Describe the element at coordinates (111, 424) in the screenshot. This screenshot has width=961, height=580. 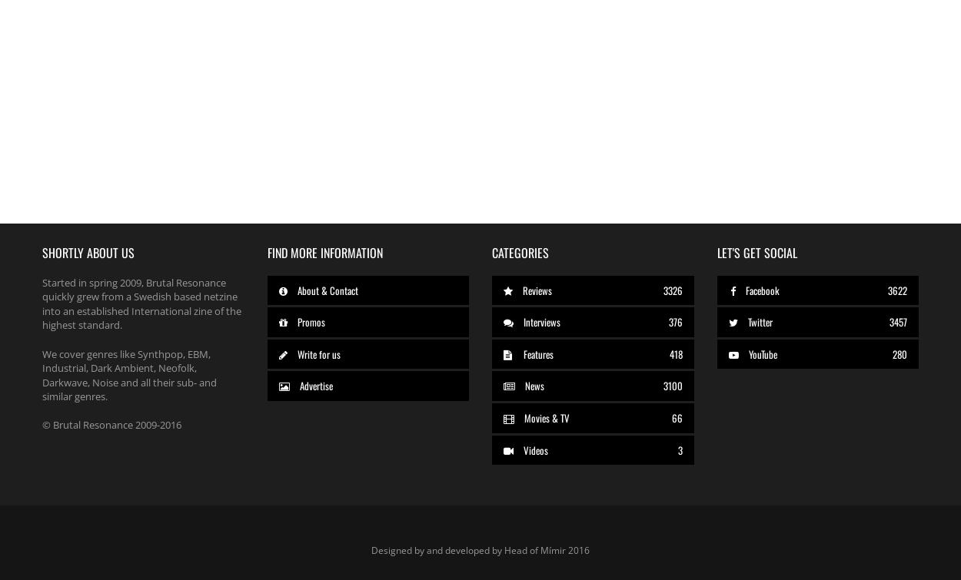
I see `'© Brutal Resonance 2009-2016'` at that location.